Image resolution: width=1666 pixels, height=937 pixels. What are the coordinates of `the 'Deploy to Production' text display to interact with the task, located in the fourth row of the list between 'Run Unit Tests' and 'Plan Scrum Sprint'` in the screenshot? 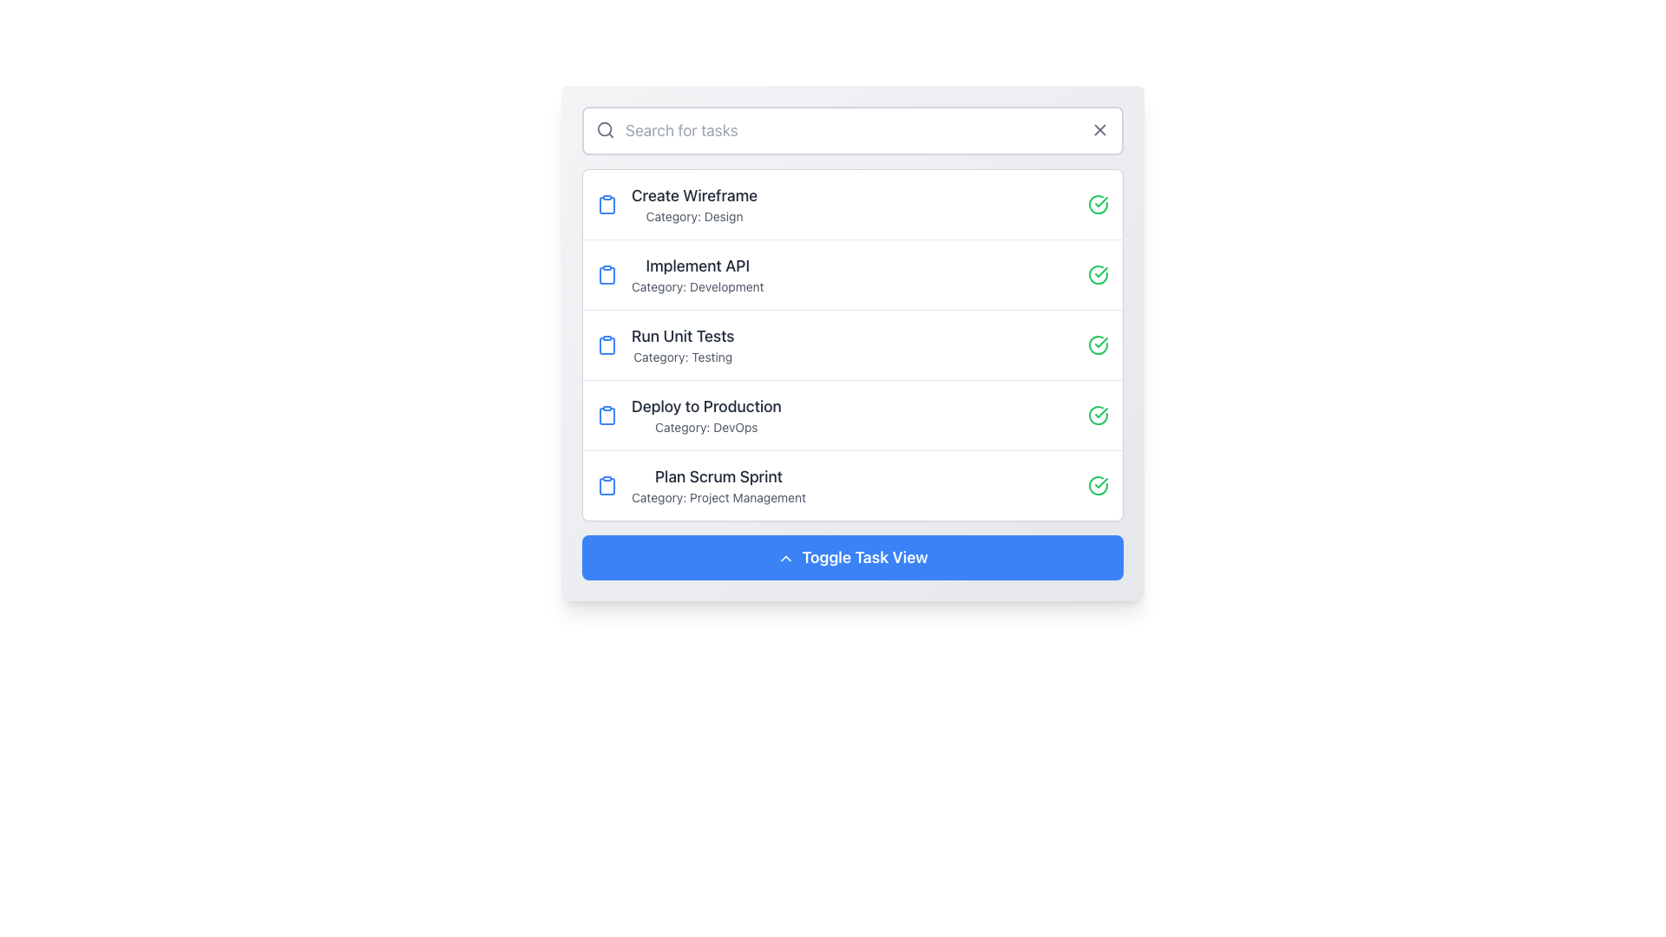 It's located at (706, 415).